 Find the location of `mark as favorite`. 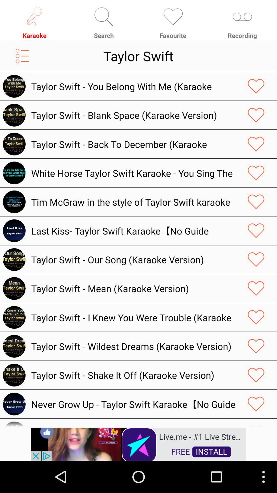

mark as favorite is located at coordinates (256, 346).